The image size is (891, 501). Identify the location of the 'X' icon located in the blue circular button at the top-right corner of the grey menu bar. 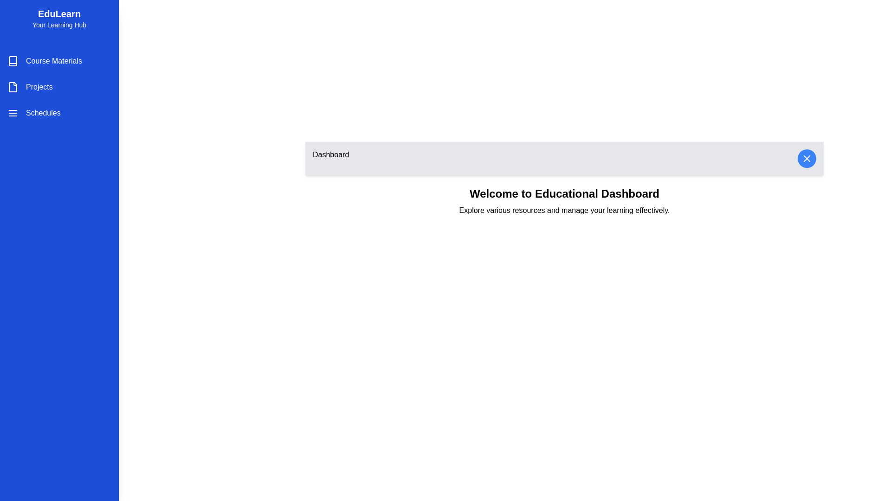
(806, 158).